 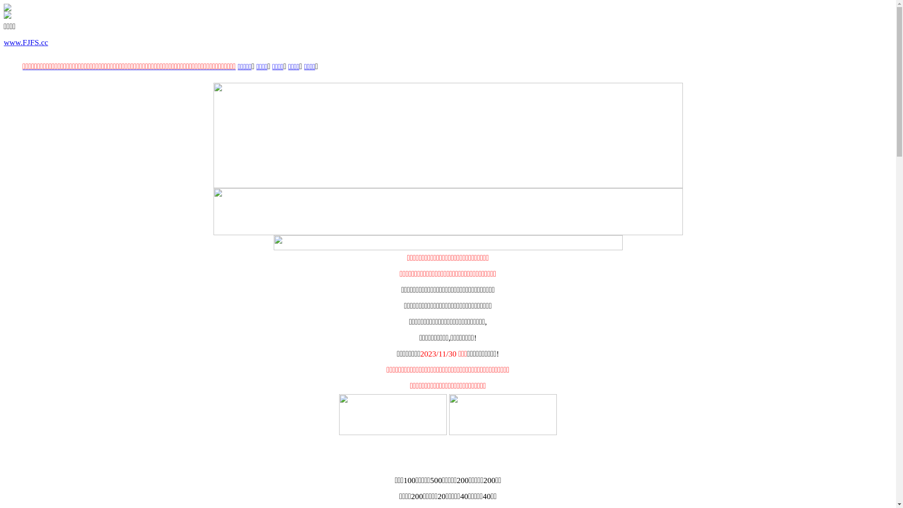 What do you see at coordinates (25, 42) in the screenshot?
I see `'www.FJFS.cc'` at bounding box center [25, 42].